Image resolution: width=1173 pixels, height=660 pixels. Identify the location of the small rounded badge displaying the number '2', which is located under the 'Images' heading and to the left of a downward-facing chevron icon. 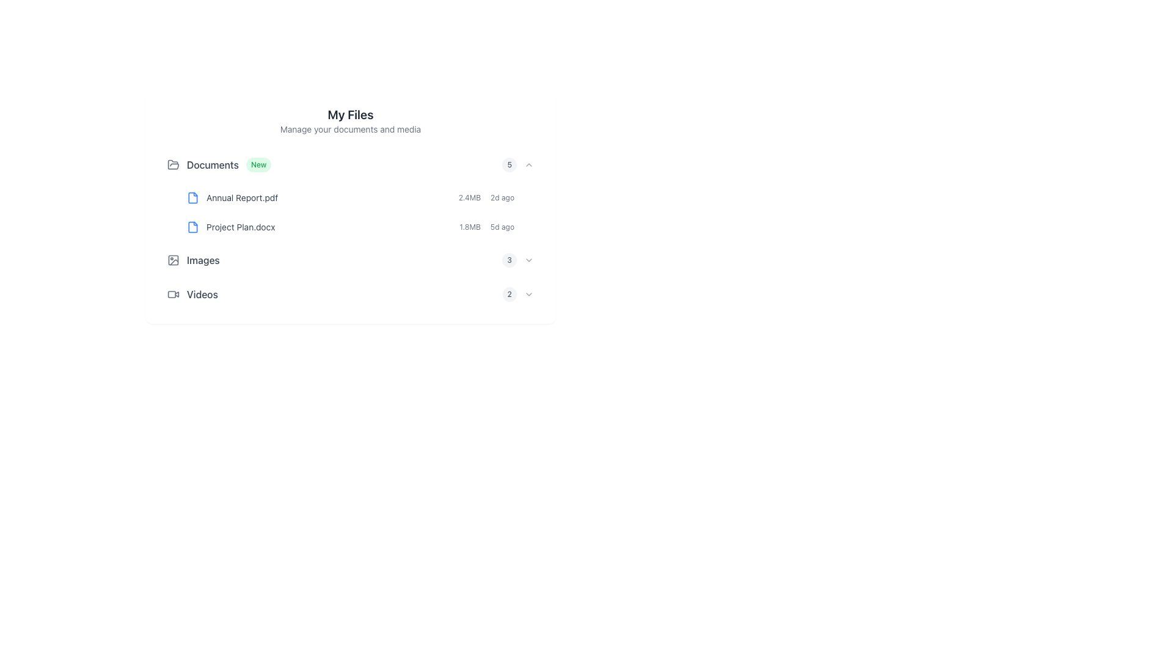
(510, 295).